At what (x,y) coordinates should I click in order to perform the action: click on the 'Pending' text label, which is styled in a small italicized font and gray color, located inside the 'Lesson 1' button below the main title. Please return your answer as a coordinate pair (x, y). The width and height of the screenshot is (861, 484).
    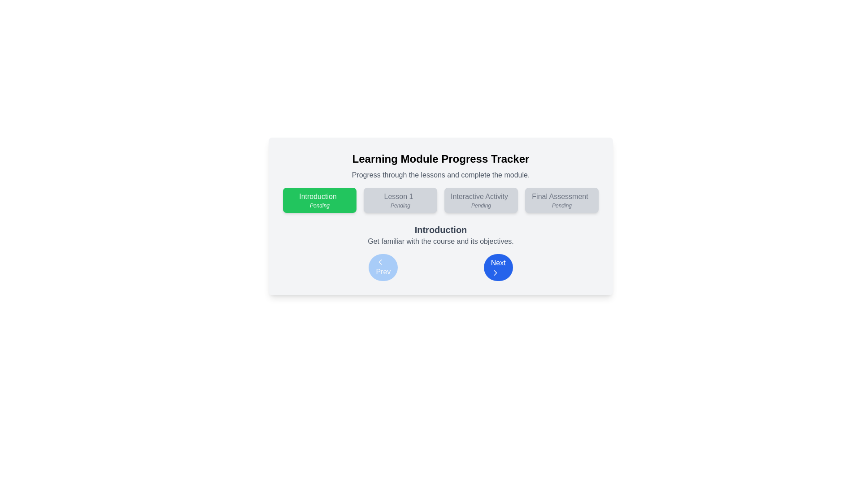
    Looking at the image, I should click on (400, 206).